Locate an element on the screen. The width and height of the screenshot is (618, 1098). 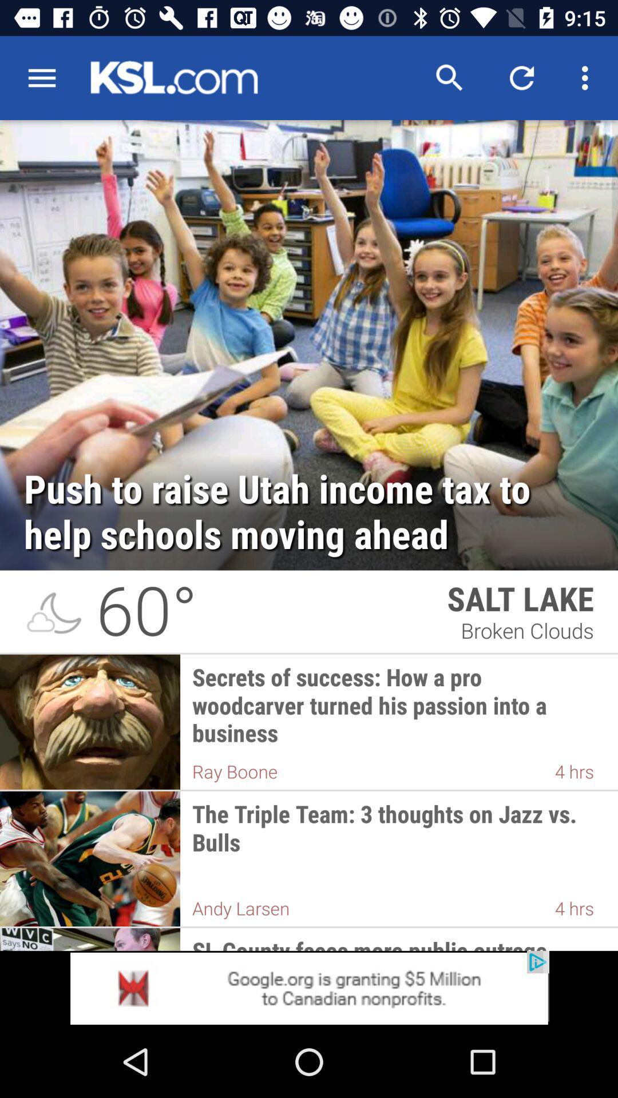
the advertising website is located at coordinates (309, 988).